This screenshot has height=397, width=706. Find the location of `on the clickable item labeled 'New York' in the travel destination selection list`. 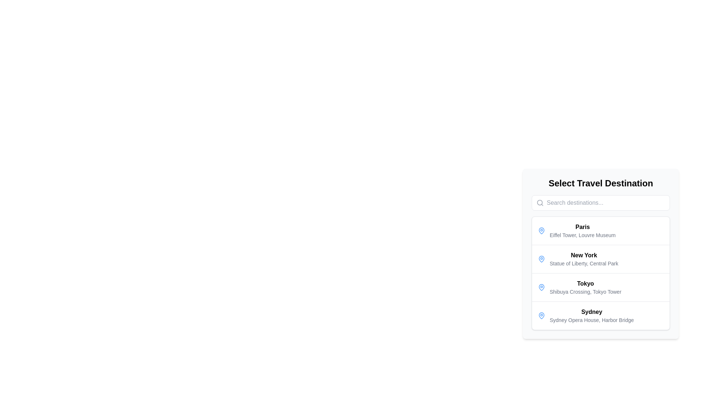

on the clickable item labeled 'New York' in the travel destination selection list is located at coordinates (584, 259).